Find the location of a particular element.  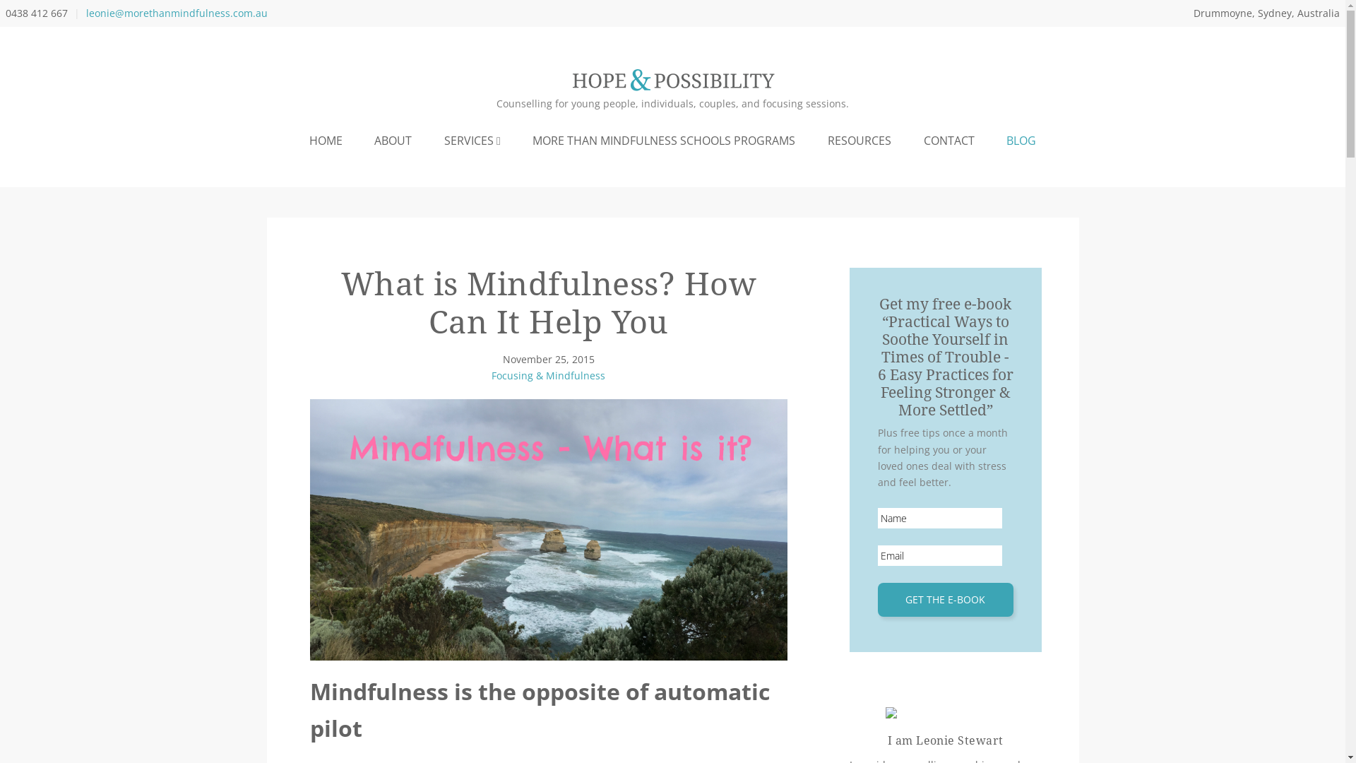

'ABOUT' is located at coordinates (393, 140).